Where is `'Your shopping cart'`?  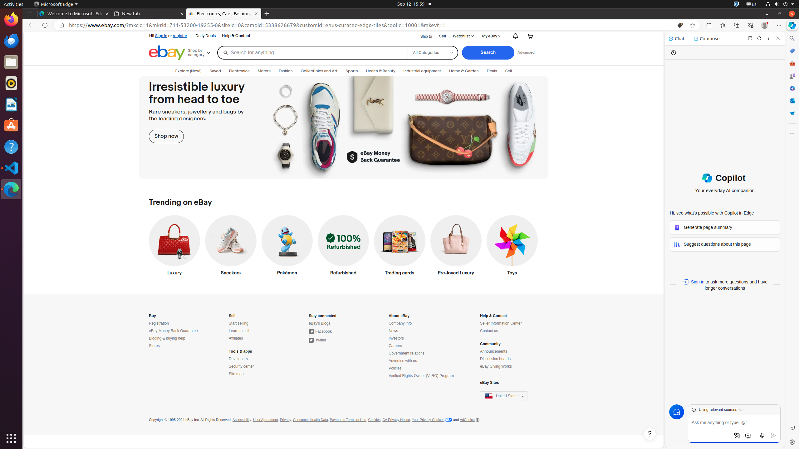 'Your shopping cart' is located at coordinates (530, 36).